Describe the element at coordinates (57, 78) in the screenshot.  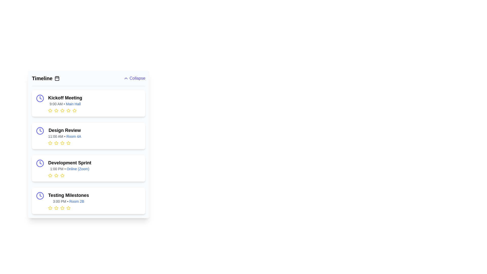
I see `the calendar icon located to the right of the 'Timeline' label in the title section, which features a minimalist design with a square shape and rounded corners` at that location.